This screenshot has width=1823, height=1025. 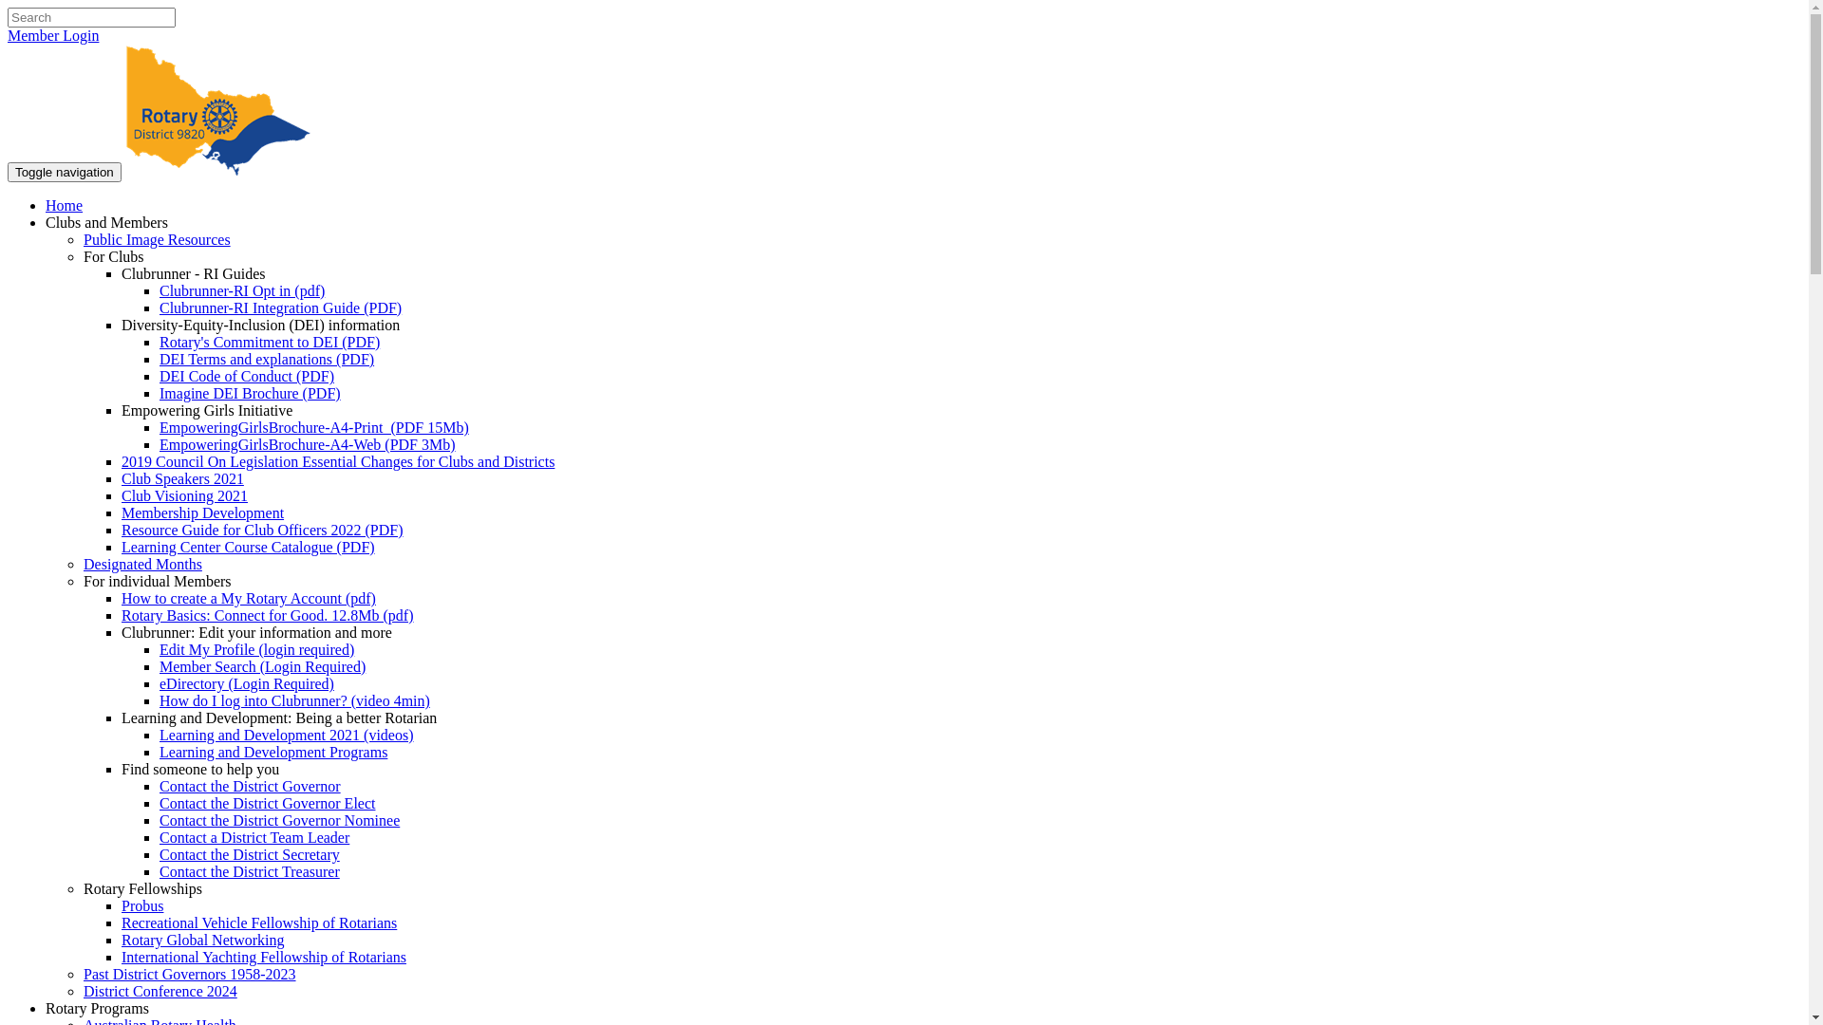 What do you see at coordinates (202, 512) in the screenshot?
I see `'Membership Development'` at bounding box center [202, 512].